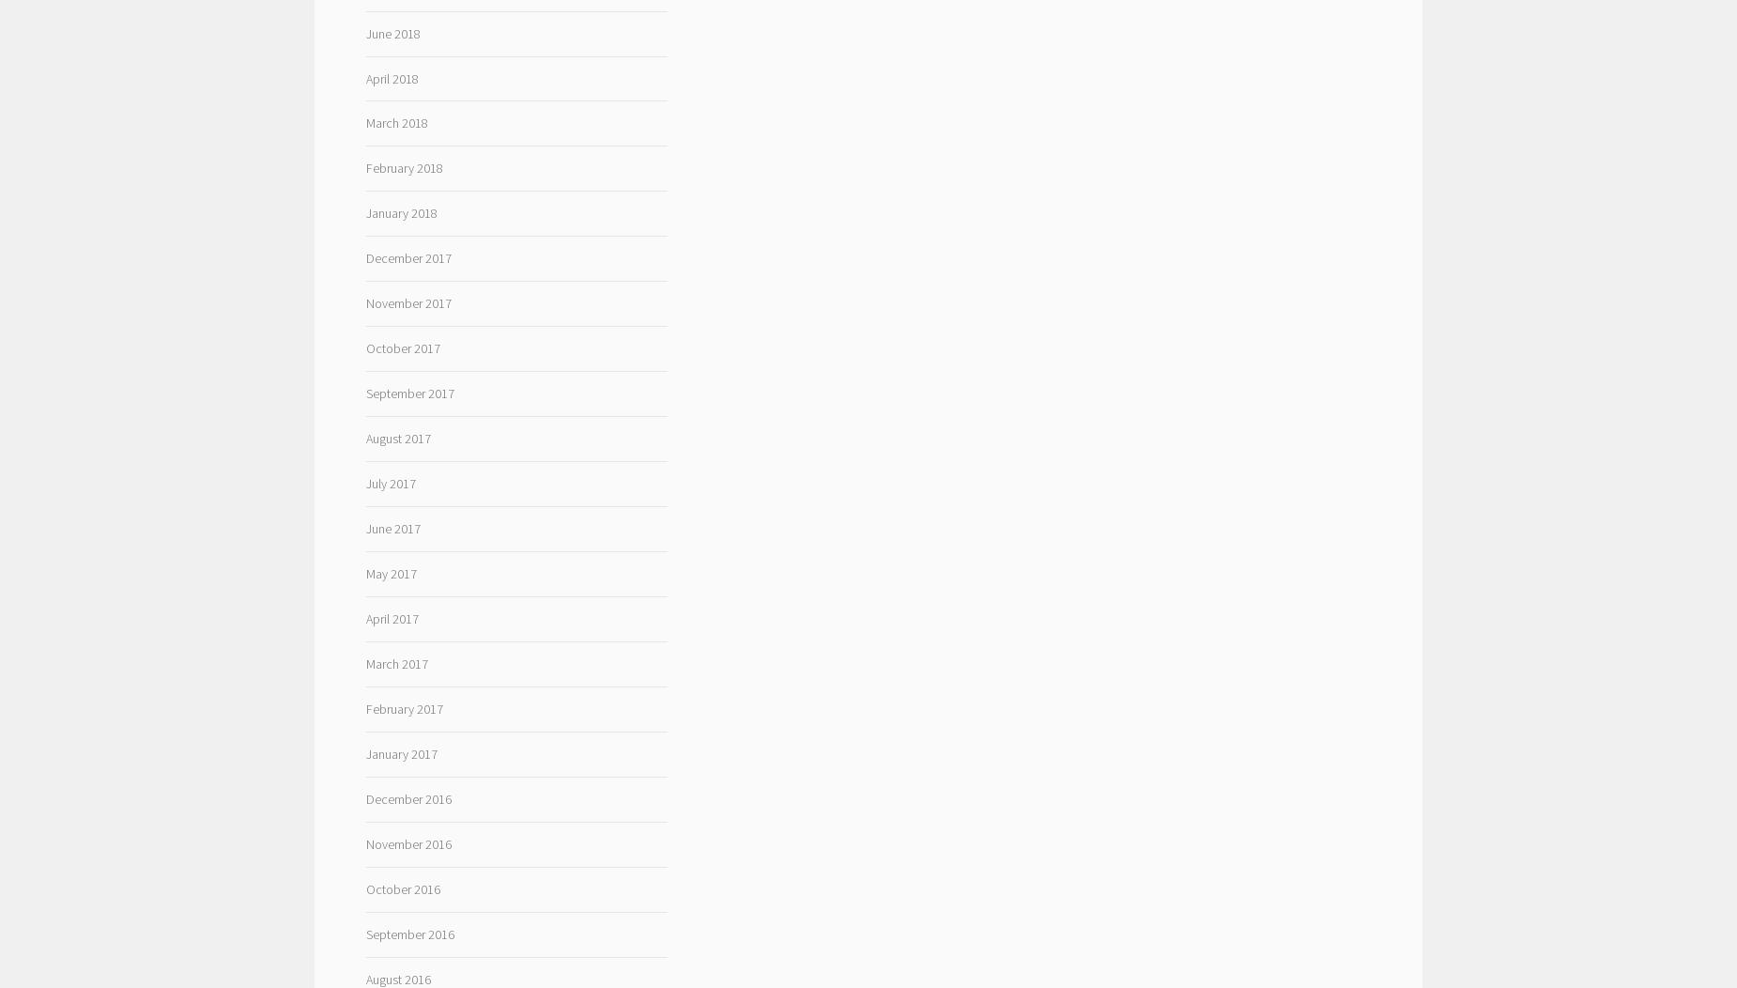 The width and height of the screenshot is (1737, 988). I want to click on 'January 2017', so click(399, 753).